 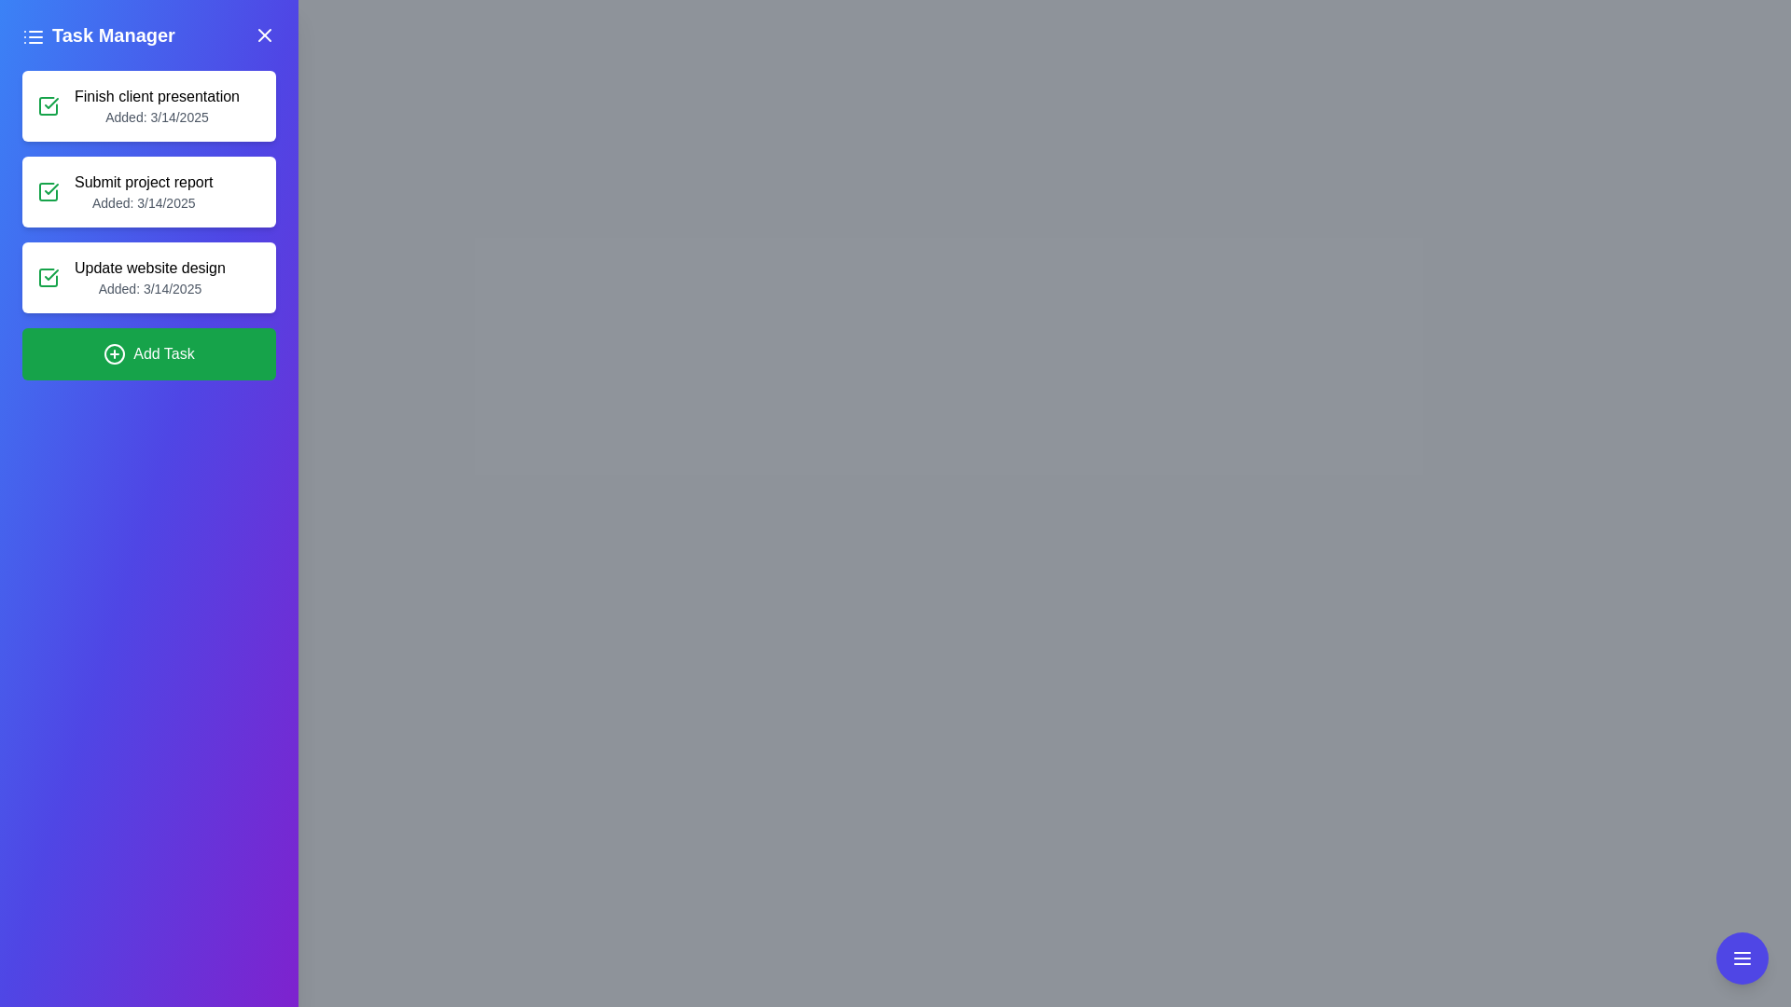 I want to click on the 'Add Task' button that contains a circular green icon with a white plus sign, so click(x=114, y=354).